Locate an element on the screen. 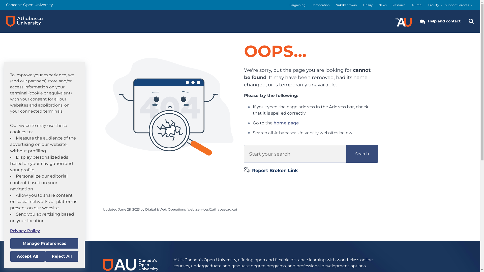 The width and height of the screenshot is (484, 272). 'Library' is located at coordinates (368, 5).